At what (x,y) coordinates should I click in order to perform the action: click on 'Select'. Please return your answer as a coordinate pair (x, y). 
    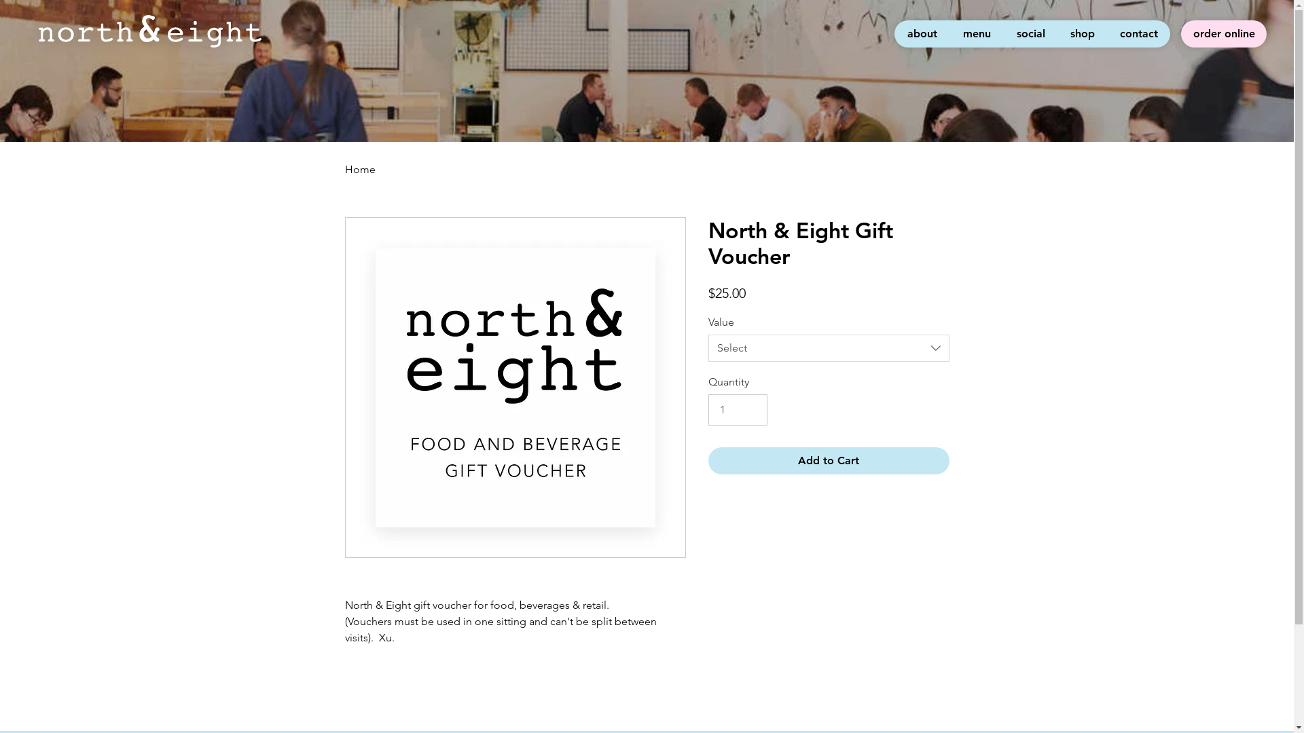
    Looking at the image, I should click on (706, 347).